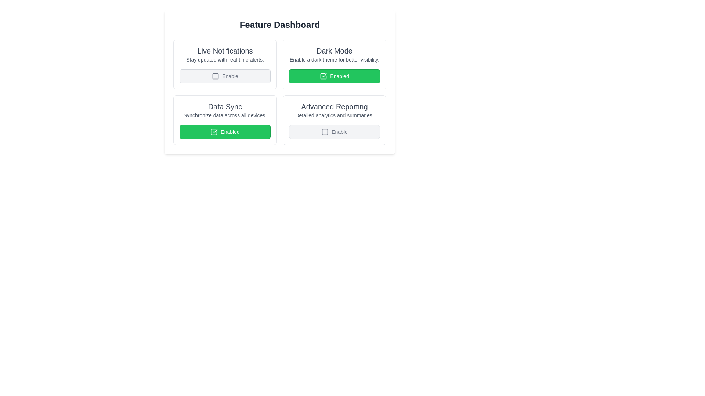 The image size is (705, 396). I want to click on the 'Enable' checkbox located in the 'Live Notifications' section of the Feature Dashboard, so click(225, 76).